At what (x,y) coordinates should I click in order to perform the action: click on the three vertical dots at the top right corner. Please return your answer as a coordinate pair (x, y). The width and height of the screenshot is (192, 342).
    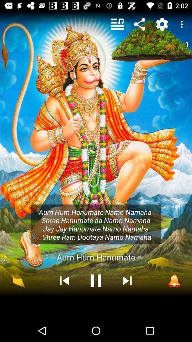
    Looking at the image, I should click on (183, 24).